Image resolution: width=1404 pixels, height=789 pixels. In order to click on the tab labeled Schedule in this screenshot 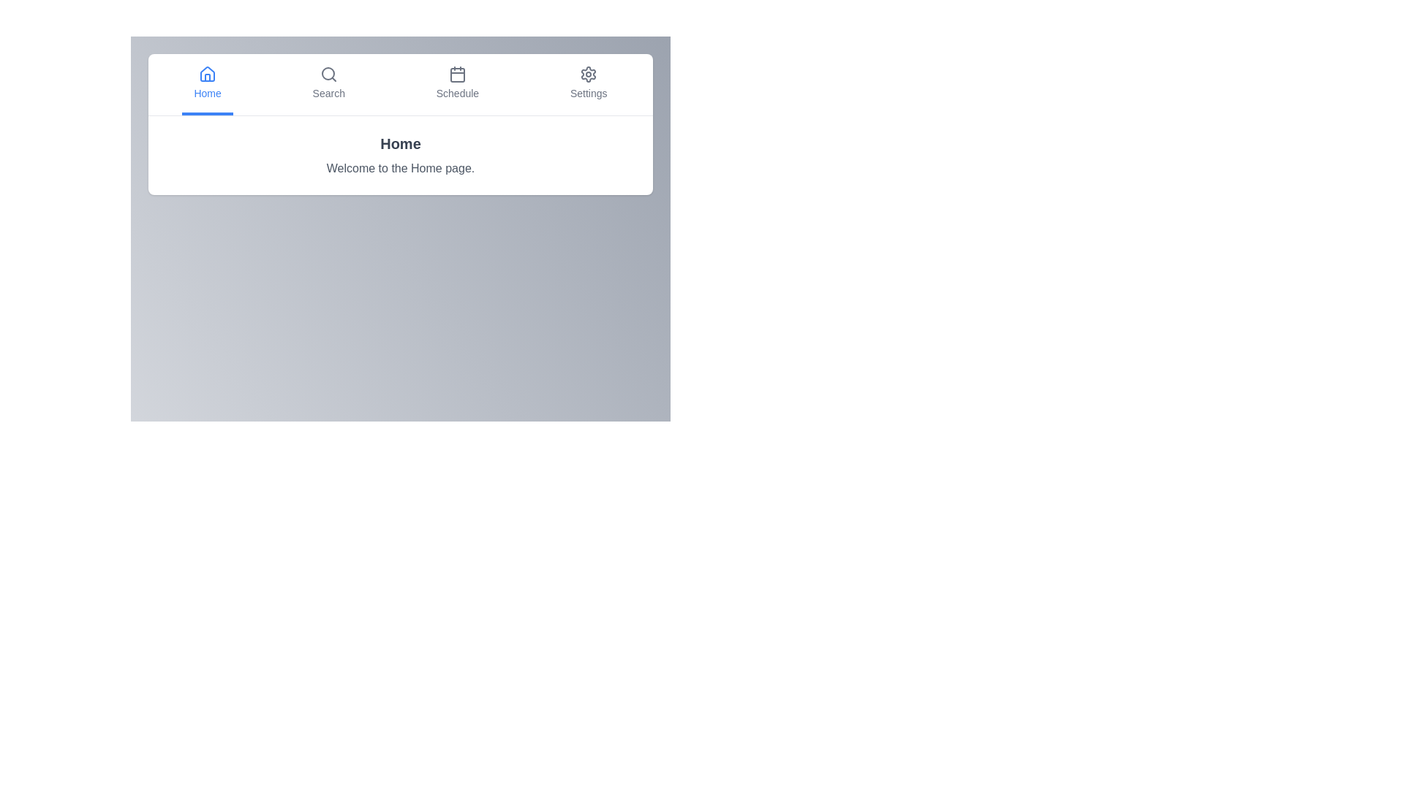, I will do `click(456, 84)`.